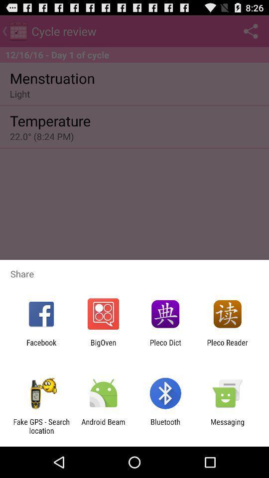  I want to click on app next to bluetooth item, so click(103, 426).